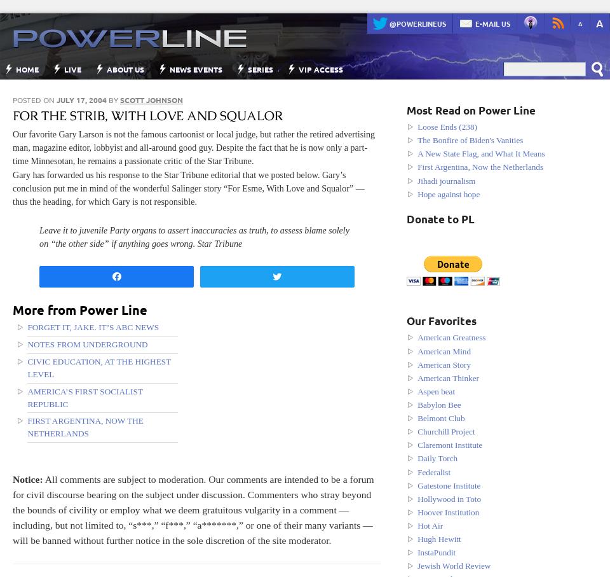 The height and width of the screenshot is (577, 610). I want to click on 'by', so click(112, 100).